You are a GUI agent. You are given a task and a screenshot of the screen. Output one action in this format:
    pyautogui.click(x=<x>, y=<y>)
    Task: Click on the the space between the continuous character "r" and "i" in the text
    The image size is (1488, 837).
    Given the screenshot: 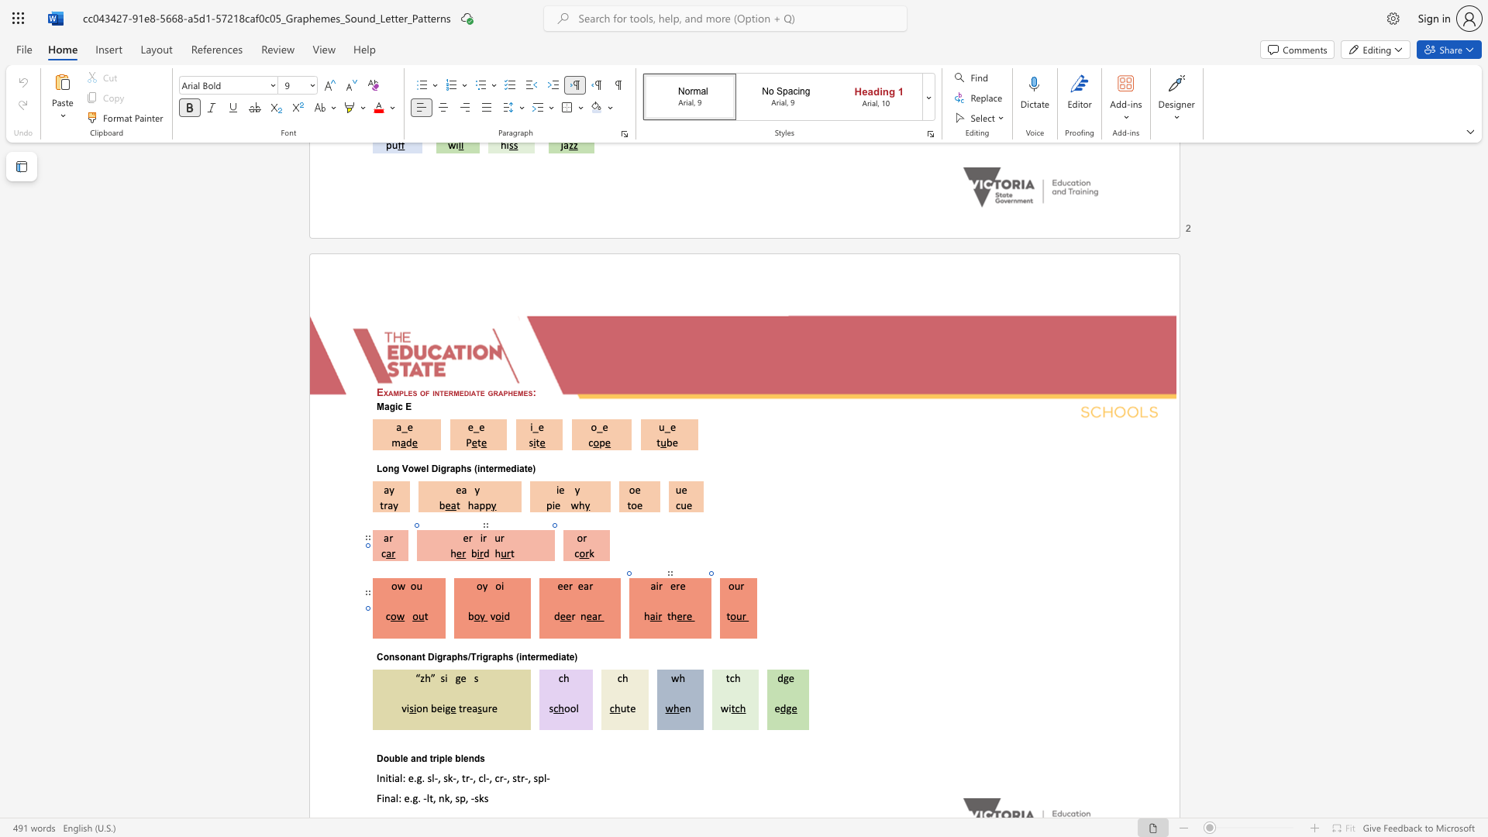 What is the action you would take?
    pyautogui.click(x=435, y=757)
    